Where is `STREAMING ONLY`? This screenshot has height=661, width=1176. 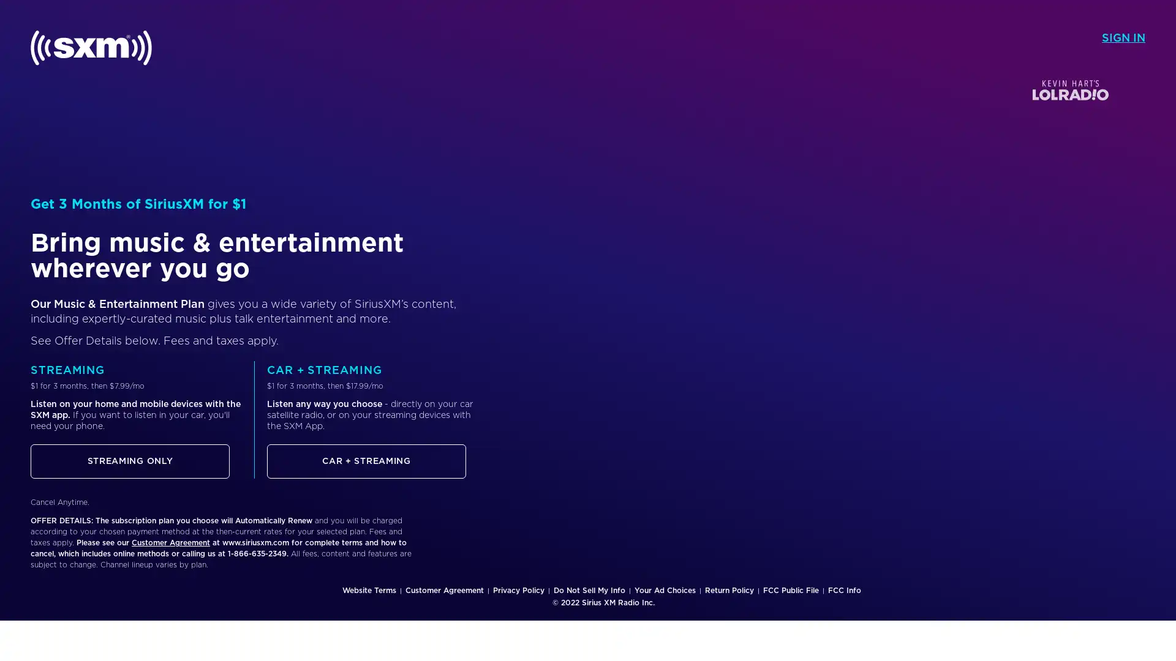
STREAMING ONLY is located at coordinates (130, 461).